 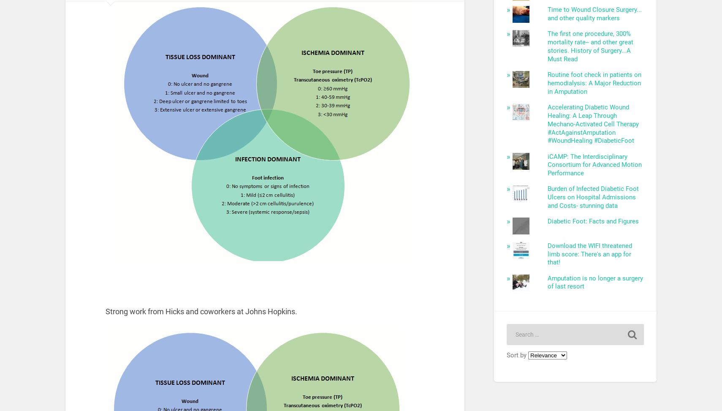 What do you see at coordinates (593, 197) in the screenshot?
I see `'Burden of Infected Diabetic Foot Ulcers on Hospital Admissions and Costs- stunning data'` at bounding box center [593, 197].